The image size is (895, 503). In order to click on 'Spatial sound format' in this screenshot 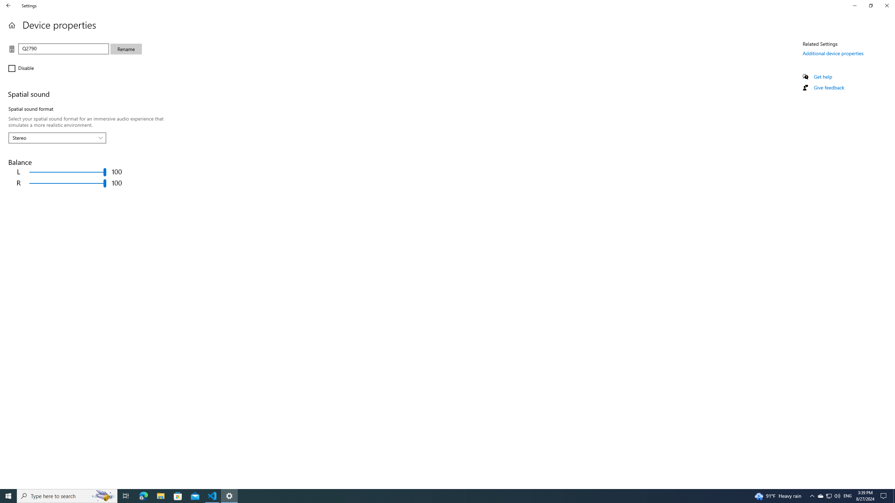, I will do `click(57, 138)`.